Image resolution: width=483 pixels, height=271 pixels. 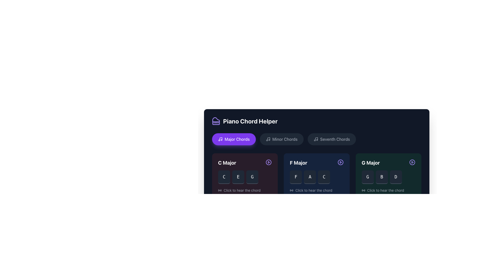 What do you see at coordinates (412, 162) in the screenshot?
I see `the decorative shape (circle) that enhances the play button, located in the top-right corner of the G Major chord box` at bounding box center [412, 162].